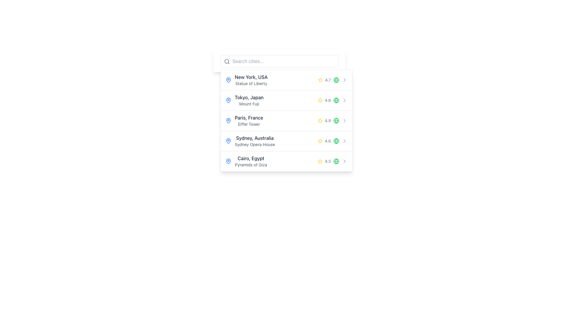  What do you see at coordinates (320, 100) in the screenshot?
I see `the star icon with a yellow fill located next to the '4.8' text in the Tokyo, Japan entry's rating section` at bounding box center [320, 100].